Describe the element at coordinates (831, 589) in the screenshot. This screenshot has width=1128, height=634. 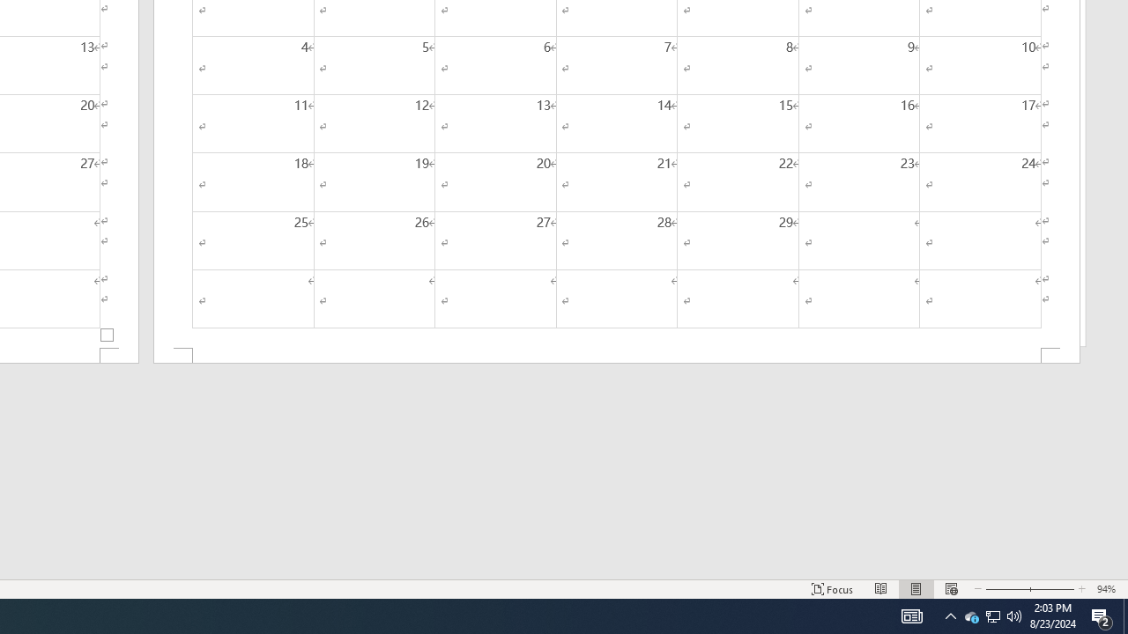
I see `'Focus '` at that location.